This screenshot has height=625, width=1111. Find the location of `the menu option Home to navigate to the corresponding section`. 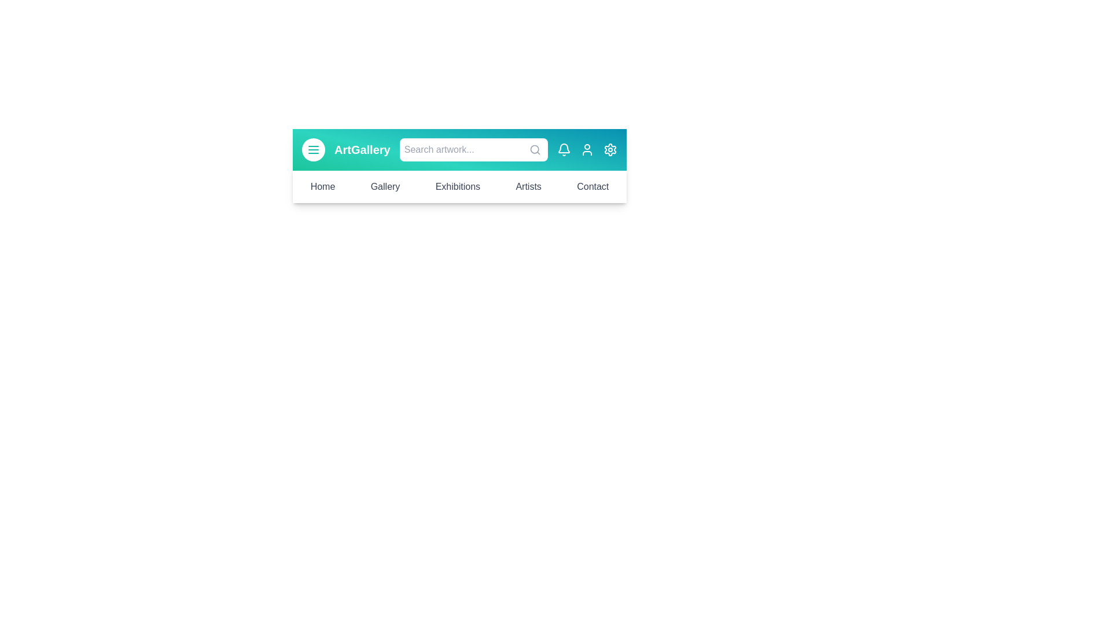

the menu option Home to navigate to the corresponding section is located at coordinates (322, 186).